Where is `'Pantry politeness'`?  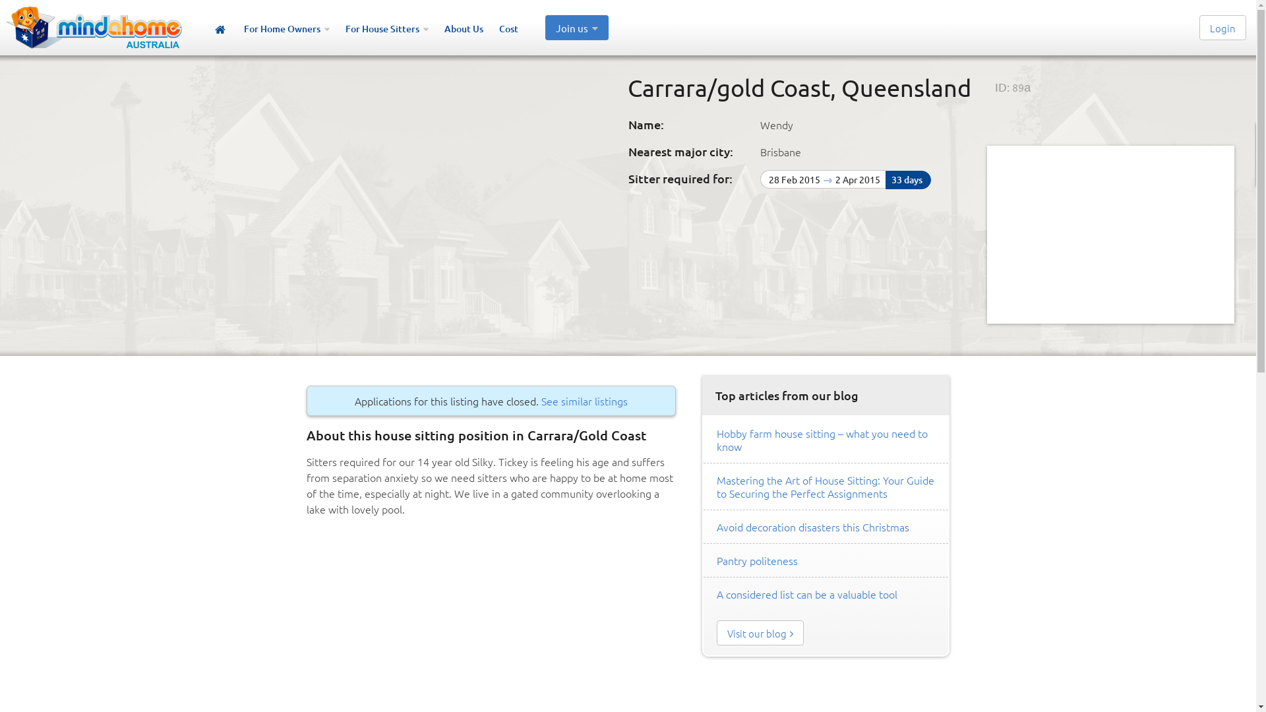 'Pantry politeness' is located at coordinates (757, 560).